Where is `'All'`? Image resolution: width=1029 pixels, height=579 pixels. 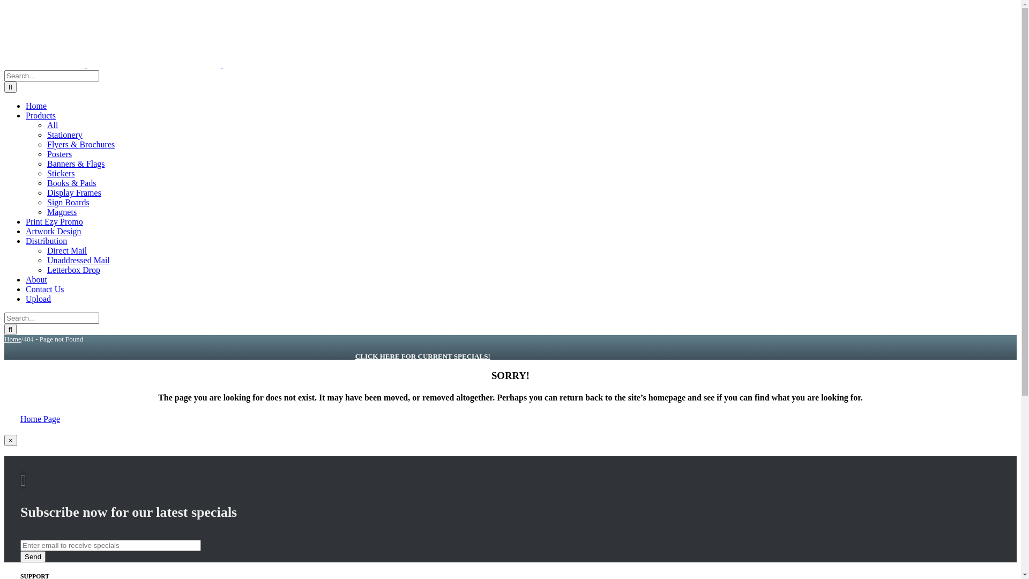 'All' is located at coordinates (46, 124).